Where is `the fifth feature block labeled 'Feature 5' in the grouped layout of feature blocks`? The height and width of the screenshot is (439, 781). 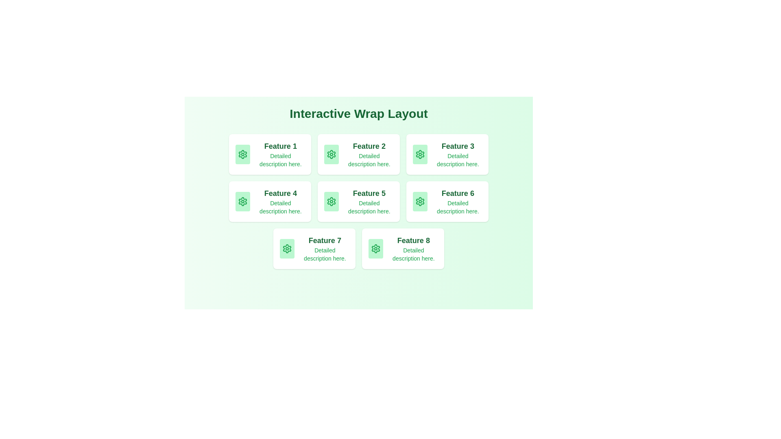 the fifth feature block labeled 'Feature 5' in the grouped layout of feature blocks is located at coordinates (358, 201).